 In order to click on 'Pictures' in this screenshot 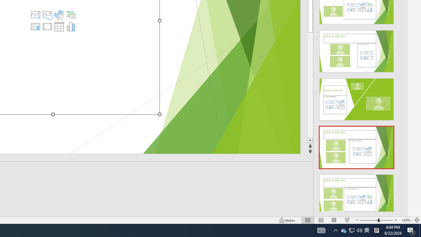, I will do `click(47, 15)`.